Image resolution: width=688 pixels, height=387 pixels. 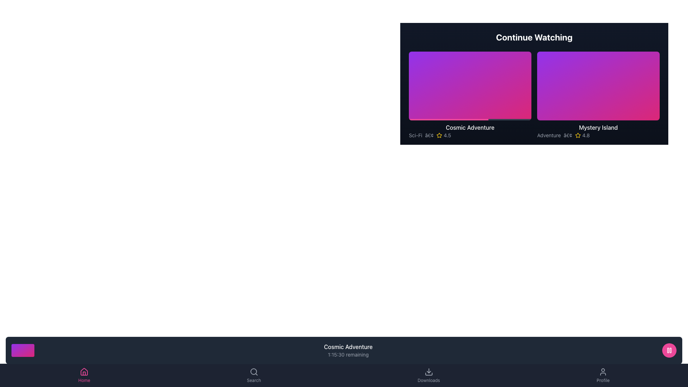 I want to click on the Text label that serves as a title or label for a media item in the 'Continue Watching' section, located below a colorful gradient rectangle and above the text description 'Adventure • 4.8', so click(x=598, y=127).